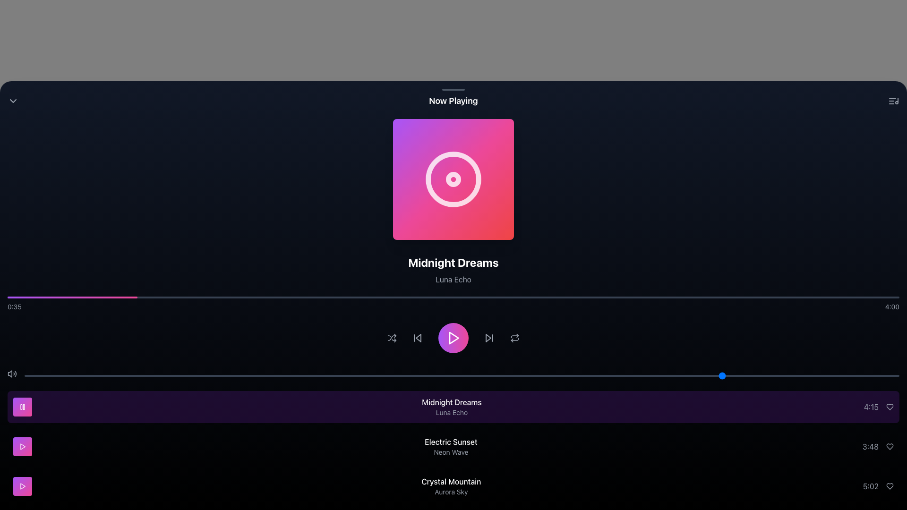  I want to click on the slider value, so click(803, 375).